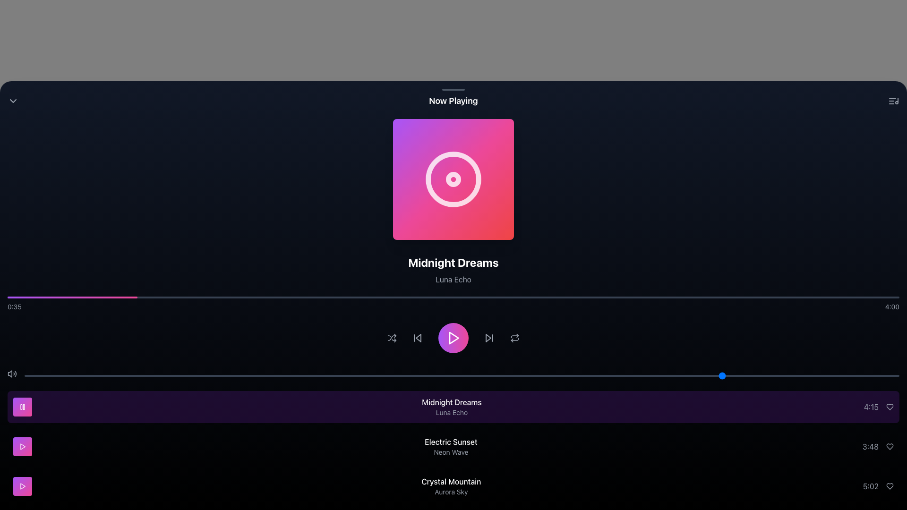  I want to click on the slider value, so click(803, 375).